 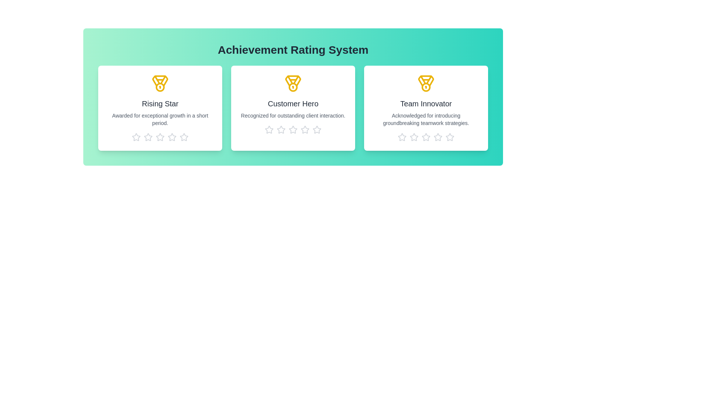 I want to click on the title of the achievement Customer Hero, so click(x=293, y=103).